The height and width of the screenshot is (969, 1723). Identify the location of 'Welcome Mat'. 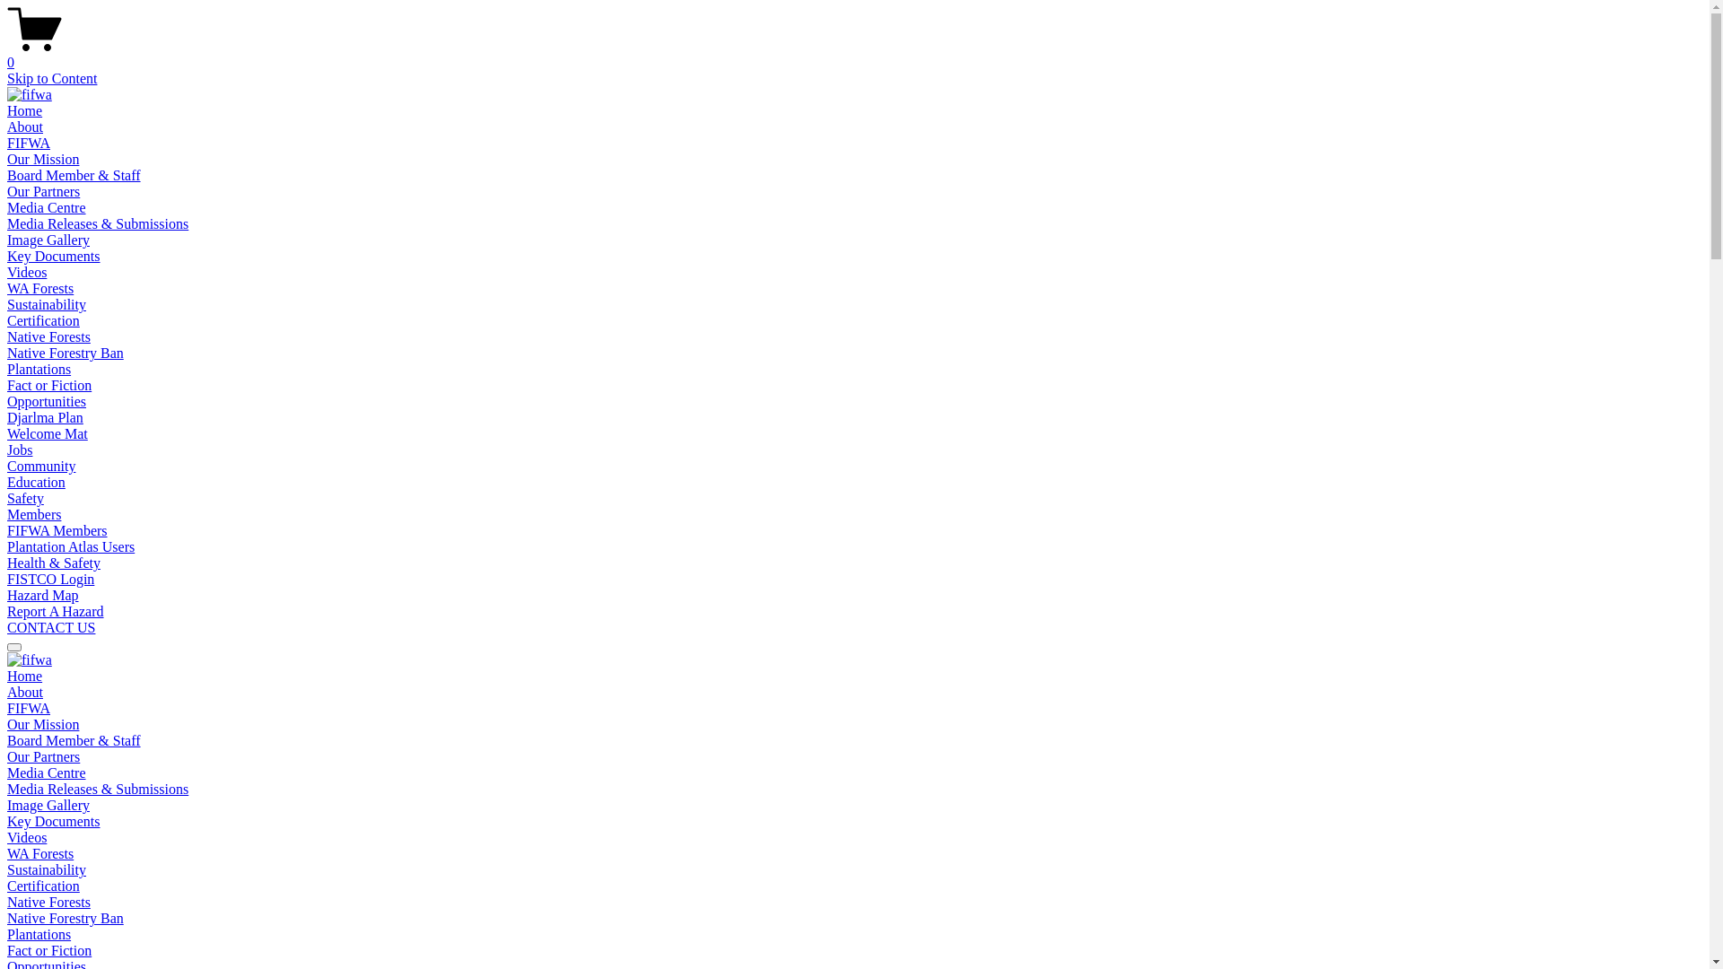
(7, 433).